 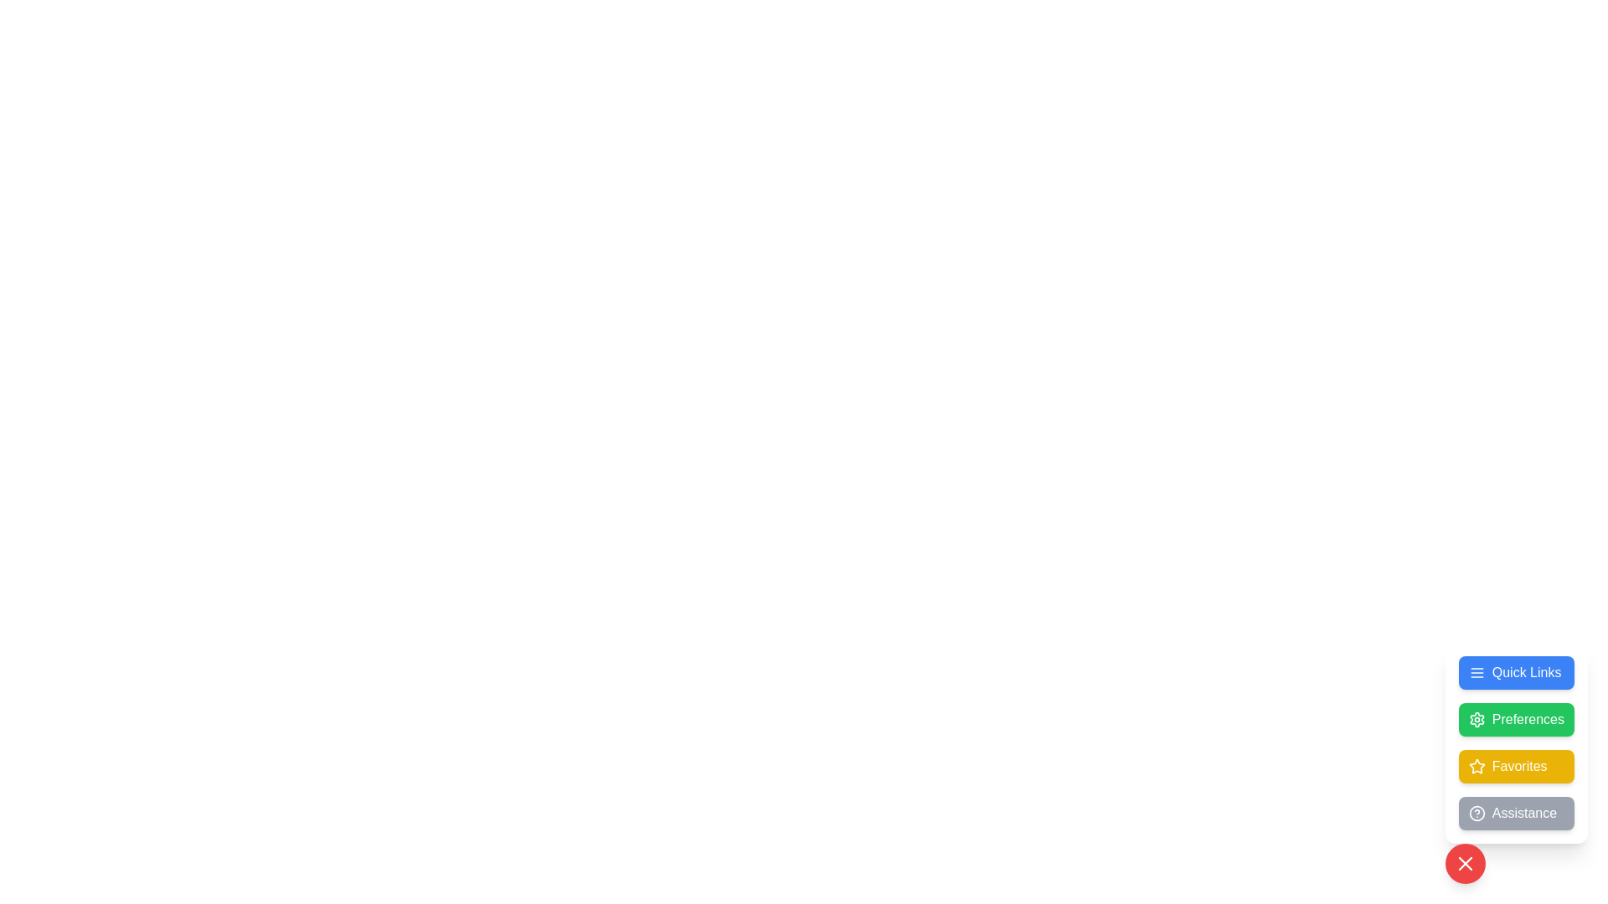 I want to click on the circular question mark icon with a gray background located in the 'Assistance' option at the bottom-right corner of the interface, so click(x=1477, y=813).